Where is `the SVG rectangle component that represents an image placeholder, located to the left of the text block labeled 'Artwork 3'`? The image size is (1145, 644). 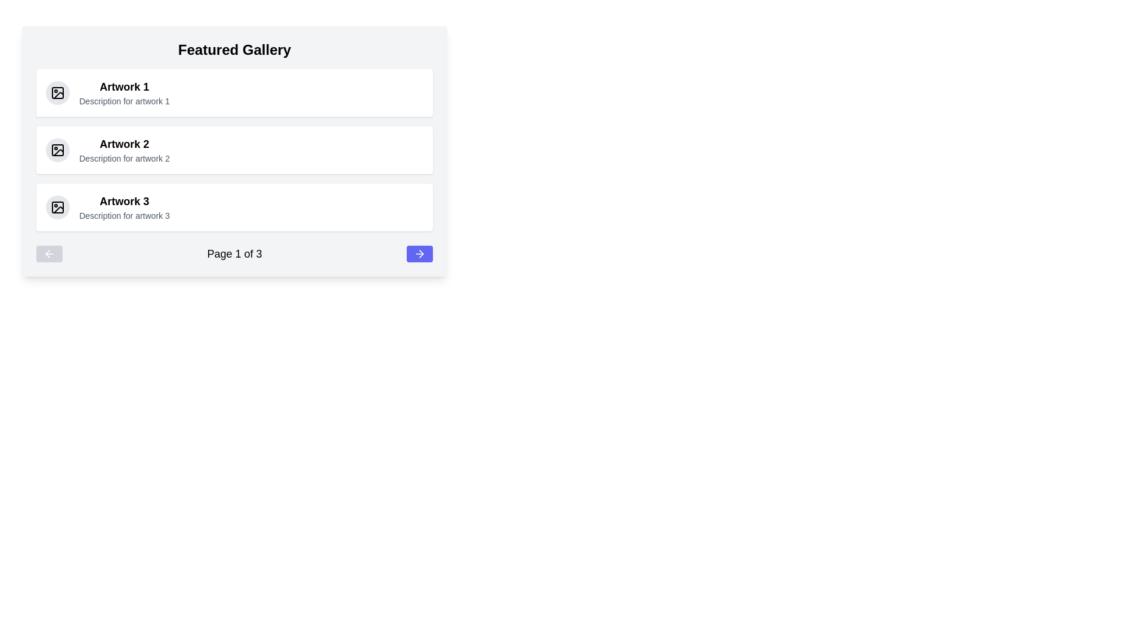 the SVG rectangle component that represents an image placeholder, located to the left of the text block labeled 'Artwork 3' is located at coordinates (57, 206).